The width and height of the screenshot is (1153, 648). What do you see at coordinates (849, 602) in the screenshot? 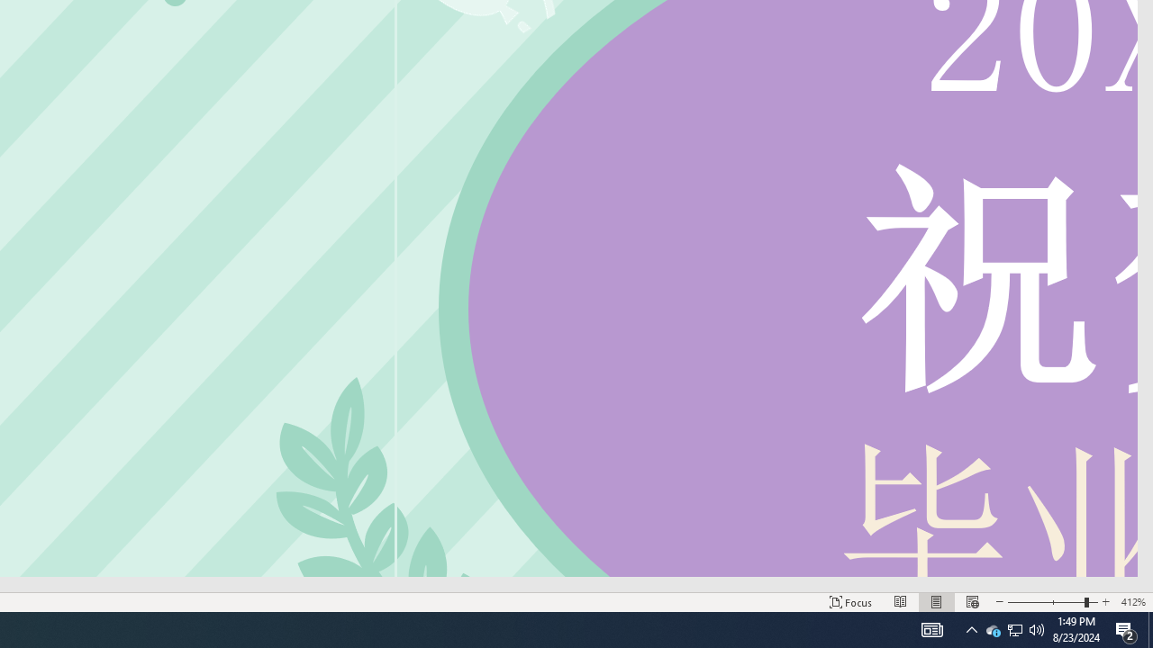
I see `'Focus '` at bounding box center [849, 602].